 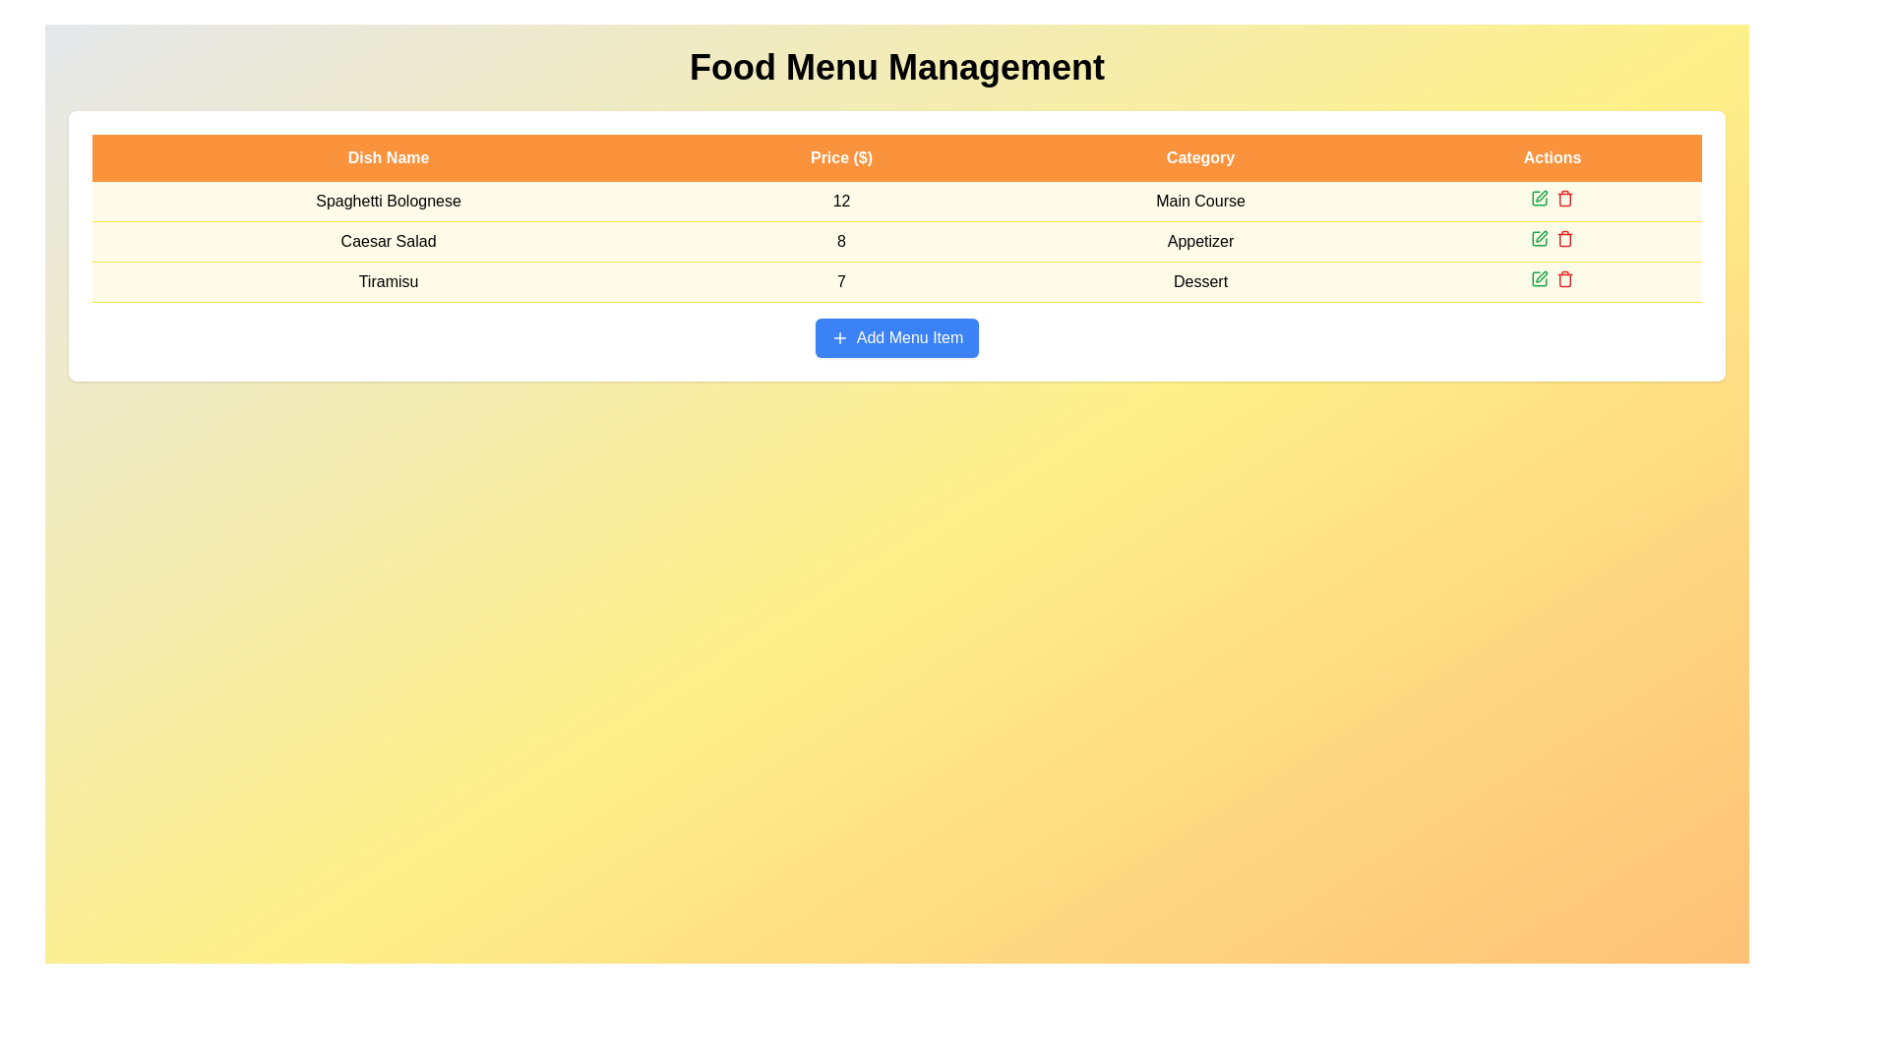 I want to click on the informational text label displaying 'Caesar Salad' in the menu management interface, located in the first cell of the second row under the 'Dish Name' header, so click(x=389, y=241).